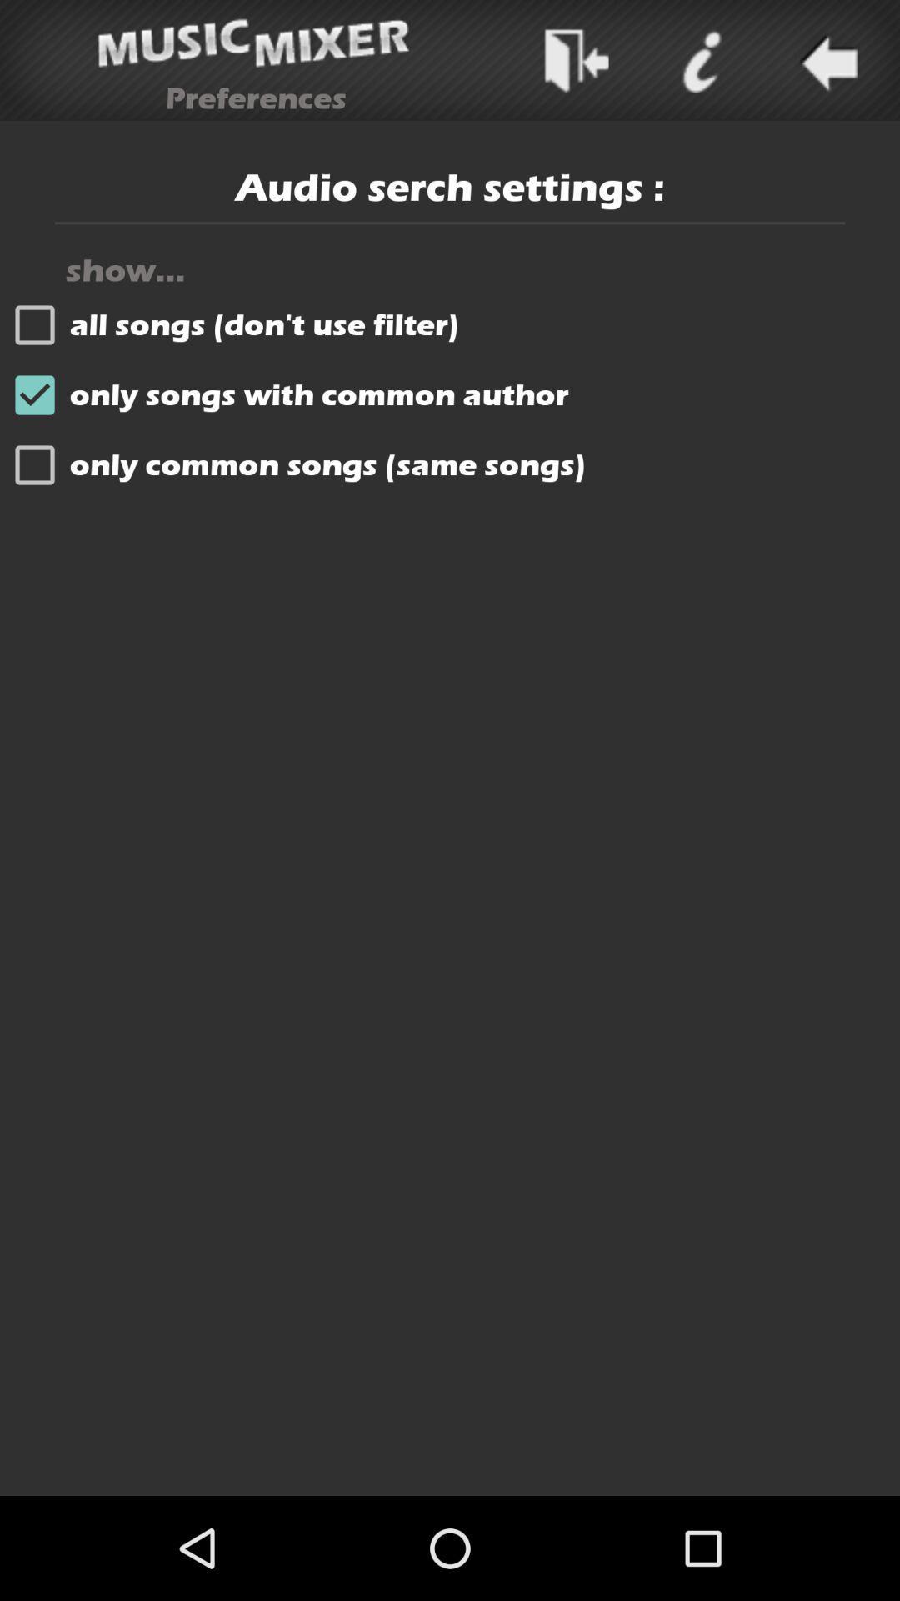  What do you see at coordinates (826, 60) in the screenshot?
I see `backword to option` at bounding box center [826, 60].